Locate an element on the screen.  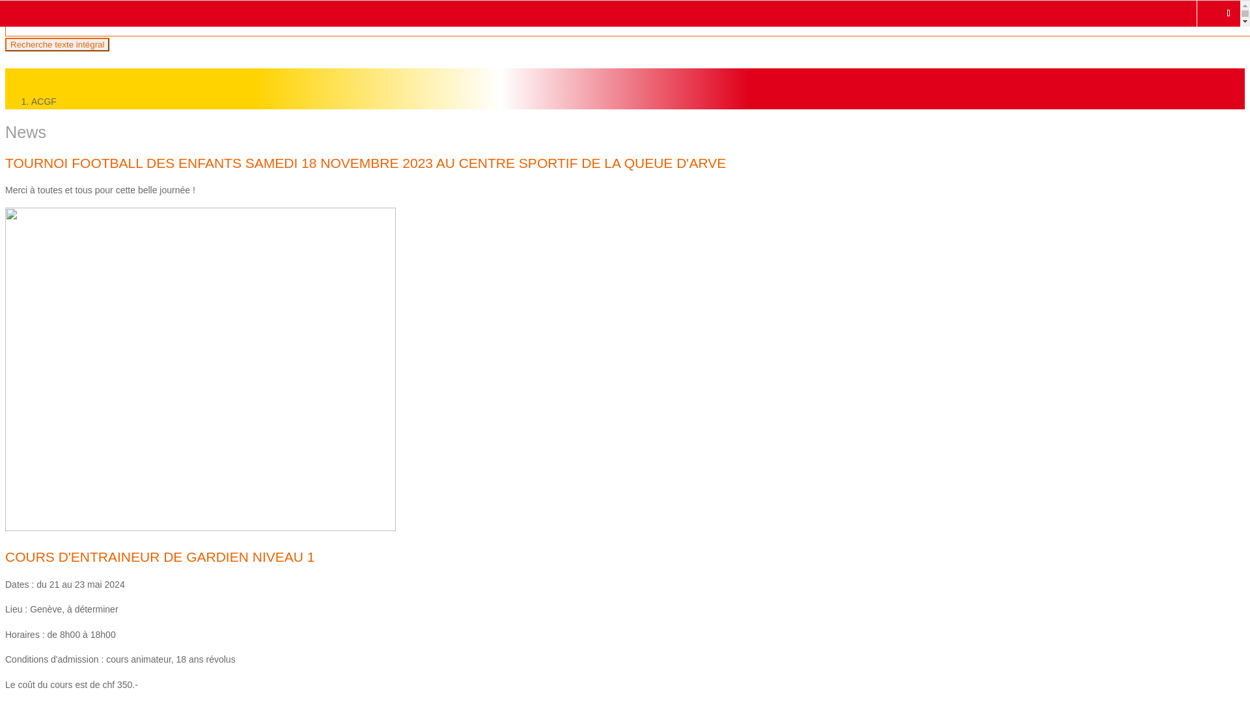
'Association' is located at coordinates (74, 75).